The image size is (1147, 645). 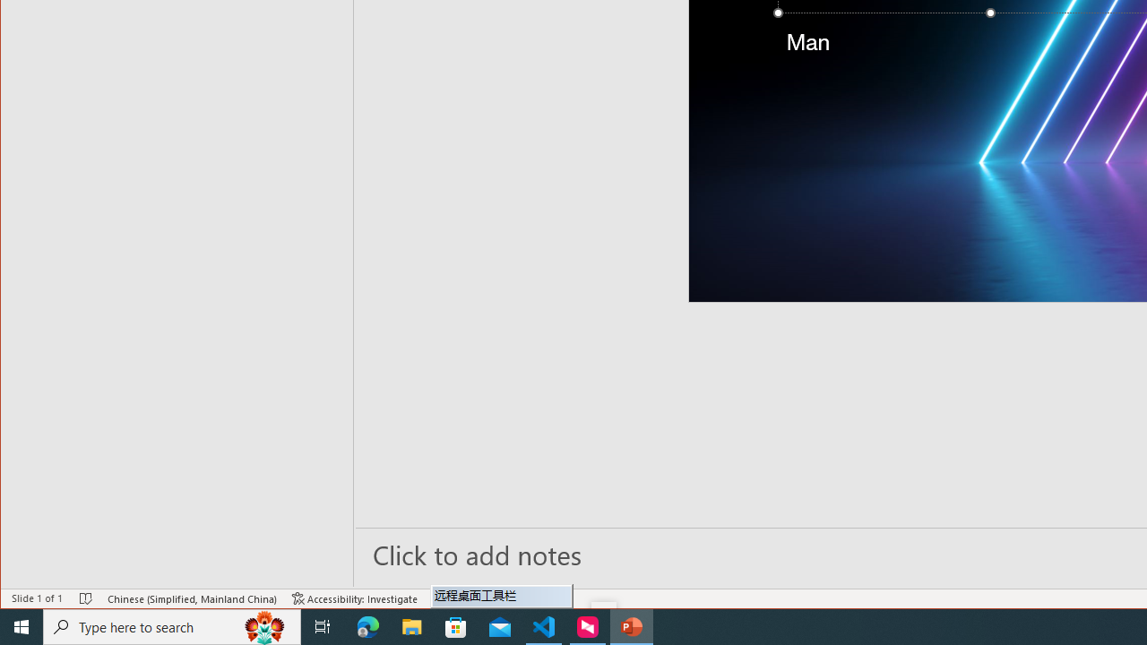 What do you see at coordinates (367, 625) in the screenshot?
I see `'Microsoft Edge'` at bounding box center [367, 625].